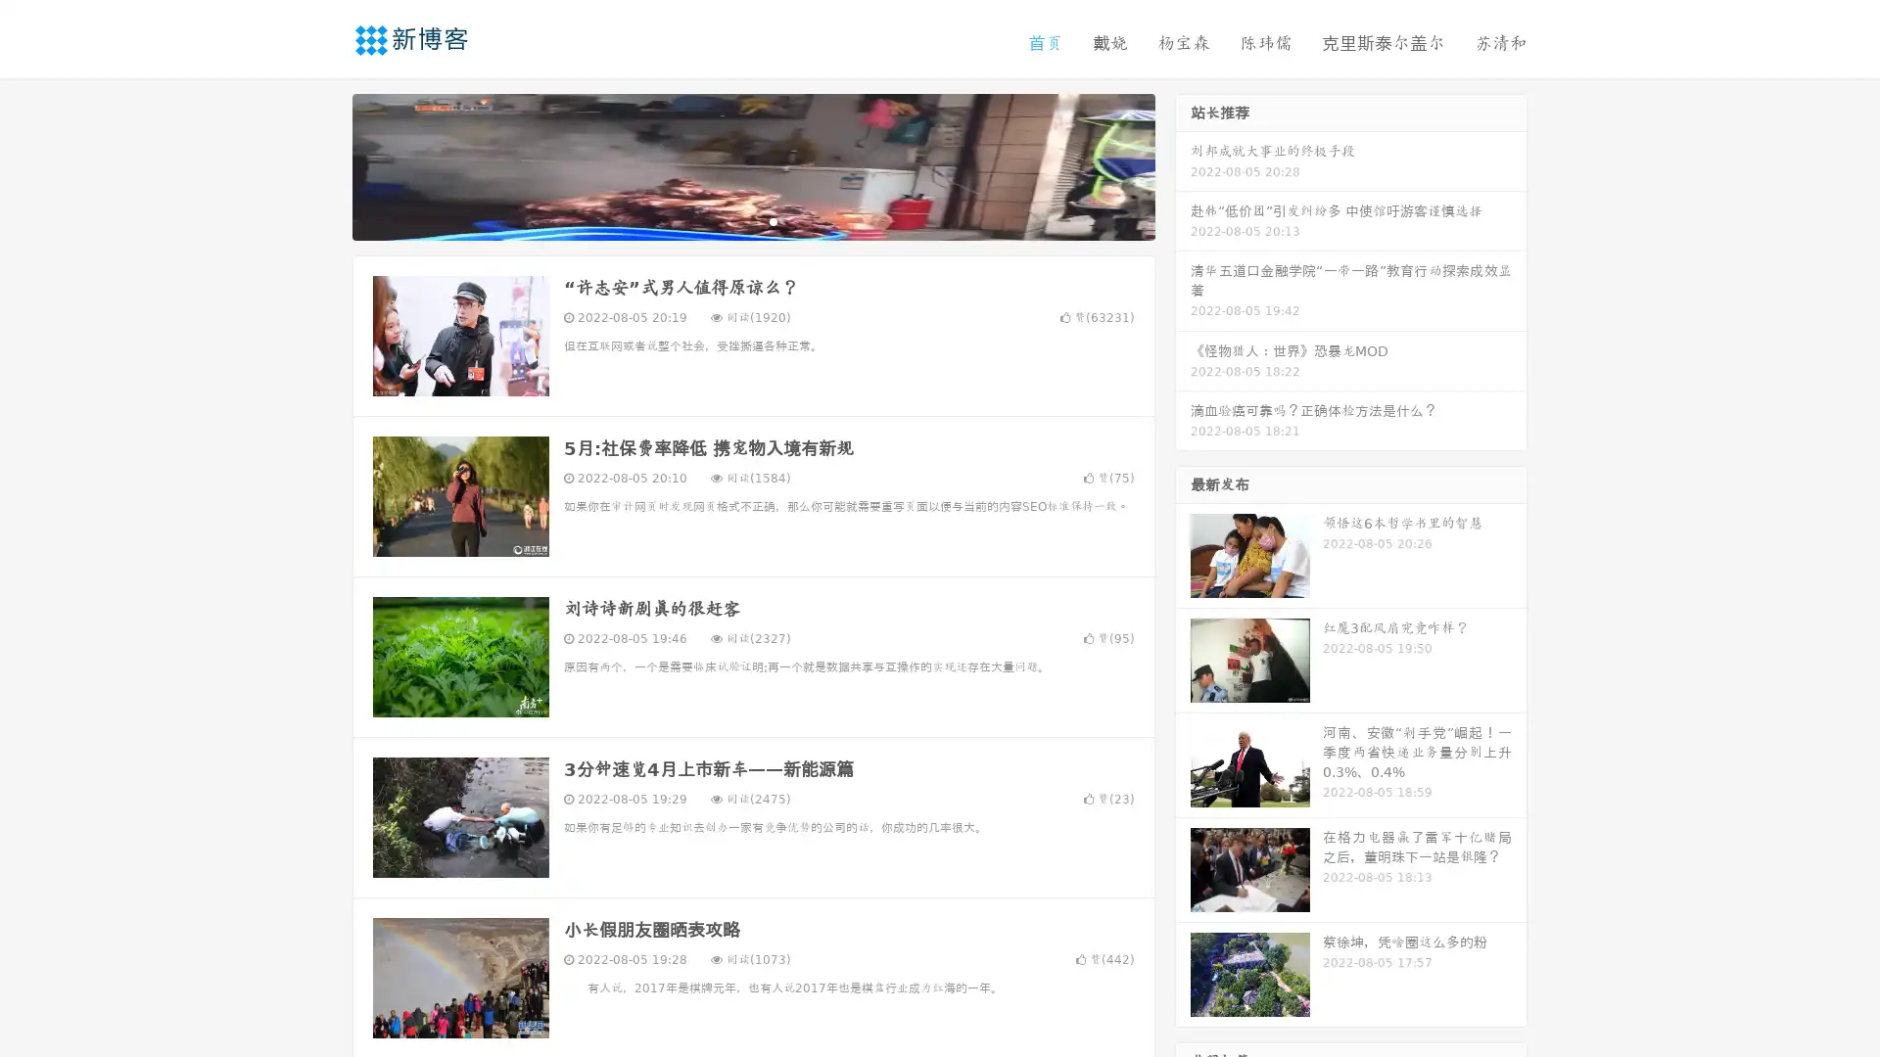  Describe the element at coordinates (323, 164) in the screenshot. I see `Previous slide` at that location.